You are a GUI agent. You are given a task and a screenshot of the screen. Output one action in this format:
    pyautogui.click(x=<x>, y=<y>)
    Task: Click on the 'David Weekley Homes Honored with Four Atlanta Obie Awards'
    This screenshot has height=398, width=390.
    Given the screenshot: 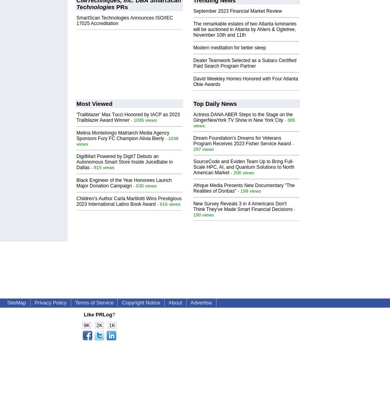 What is the action you would take?
    pyautogui.click(x=245, y=81)
    